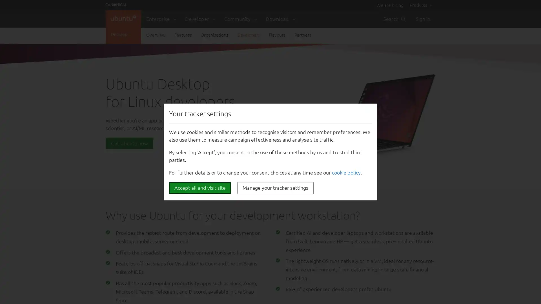  Describe the element at coordinates (275, 188) in the screenshot. I see `Manage your tracker settings` at that location.